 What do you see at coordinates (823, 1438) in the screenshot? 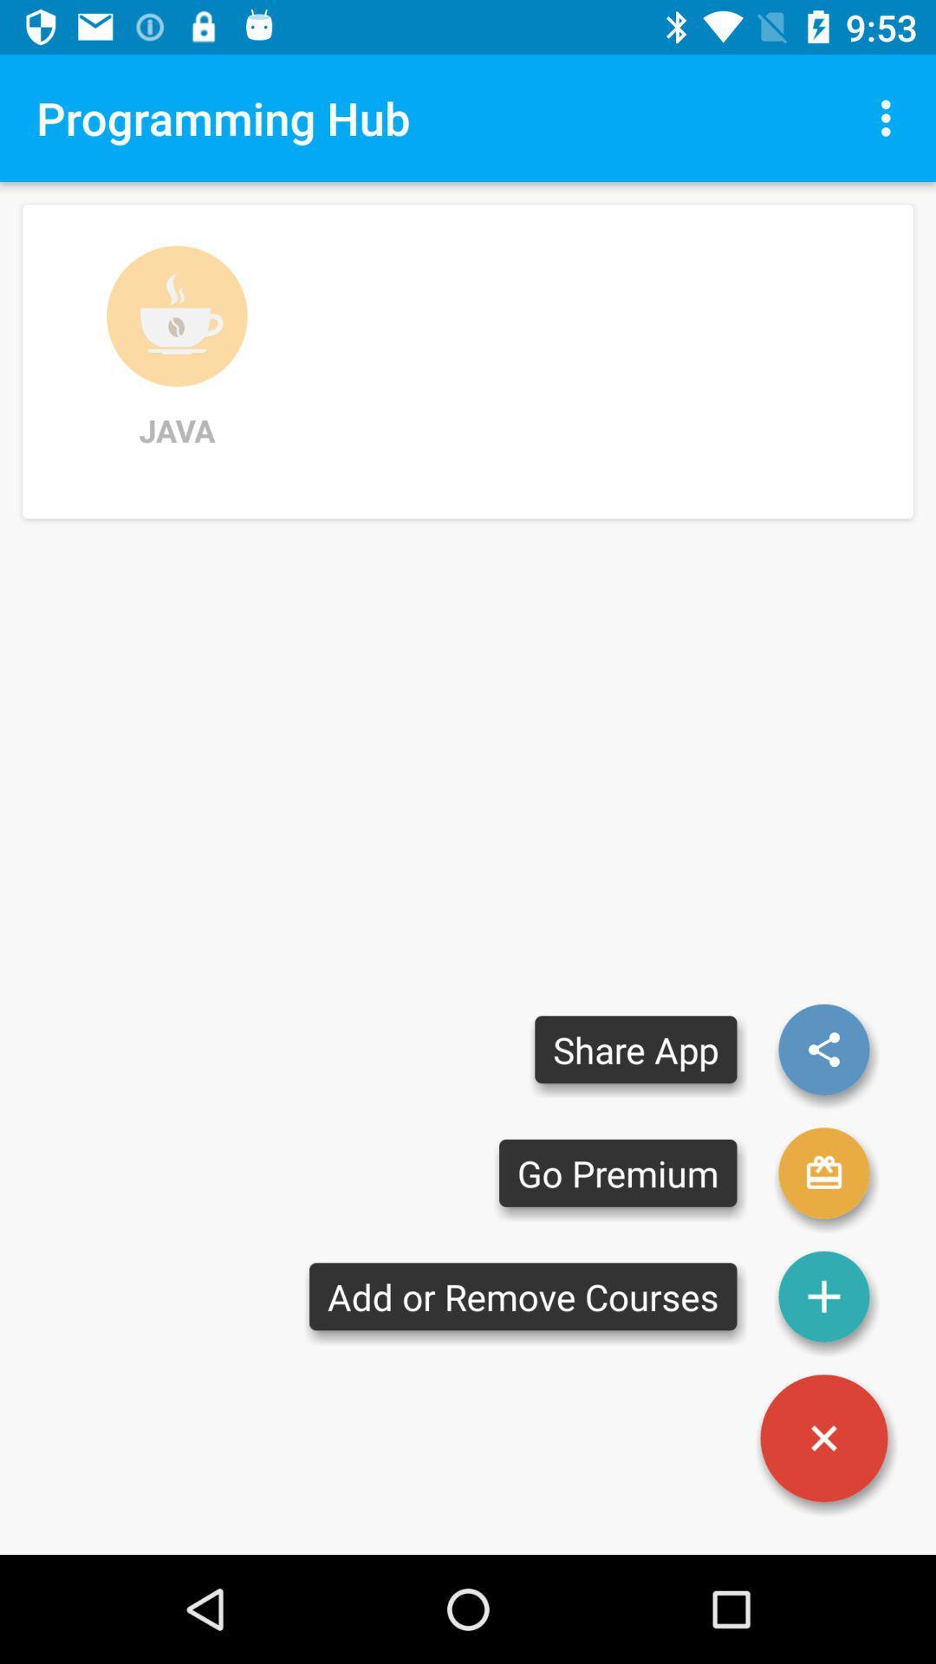
I see `button` at bounding box center [823, 1438].